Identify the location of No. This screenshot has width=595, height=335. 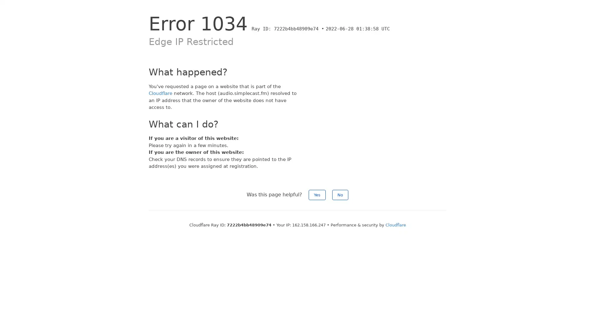
(340, 194).